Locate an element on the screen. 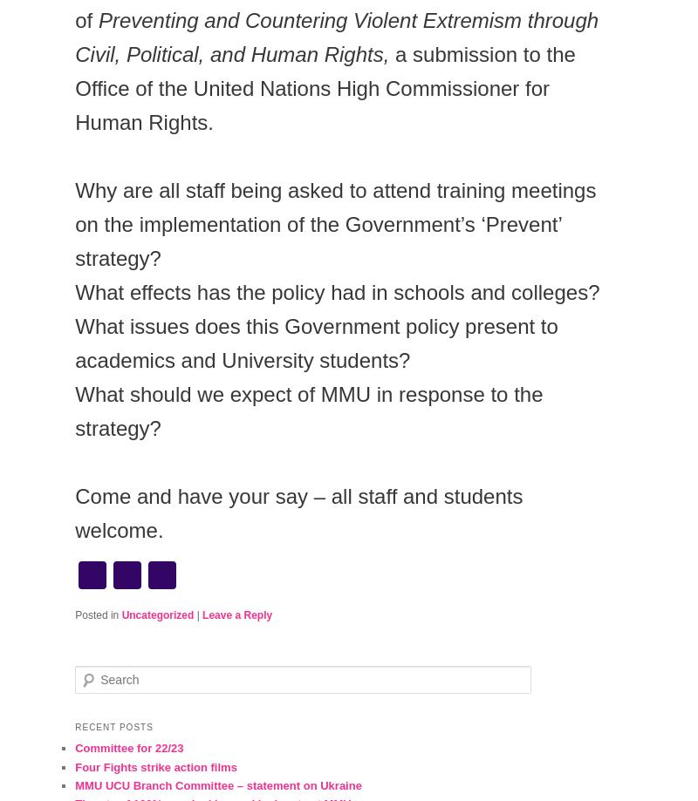 This screenshot has height=801, width=698. 'Four Fights strike action films' is located at coordinates (75, 765).